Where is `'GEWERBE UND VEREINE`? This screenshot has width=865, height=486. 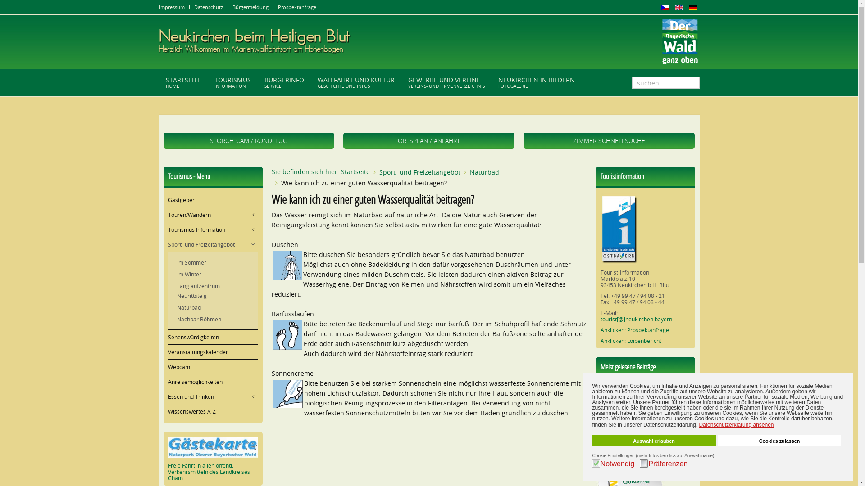
'GEWERBE UND VEREINE is located at coordinates (446, 83).